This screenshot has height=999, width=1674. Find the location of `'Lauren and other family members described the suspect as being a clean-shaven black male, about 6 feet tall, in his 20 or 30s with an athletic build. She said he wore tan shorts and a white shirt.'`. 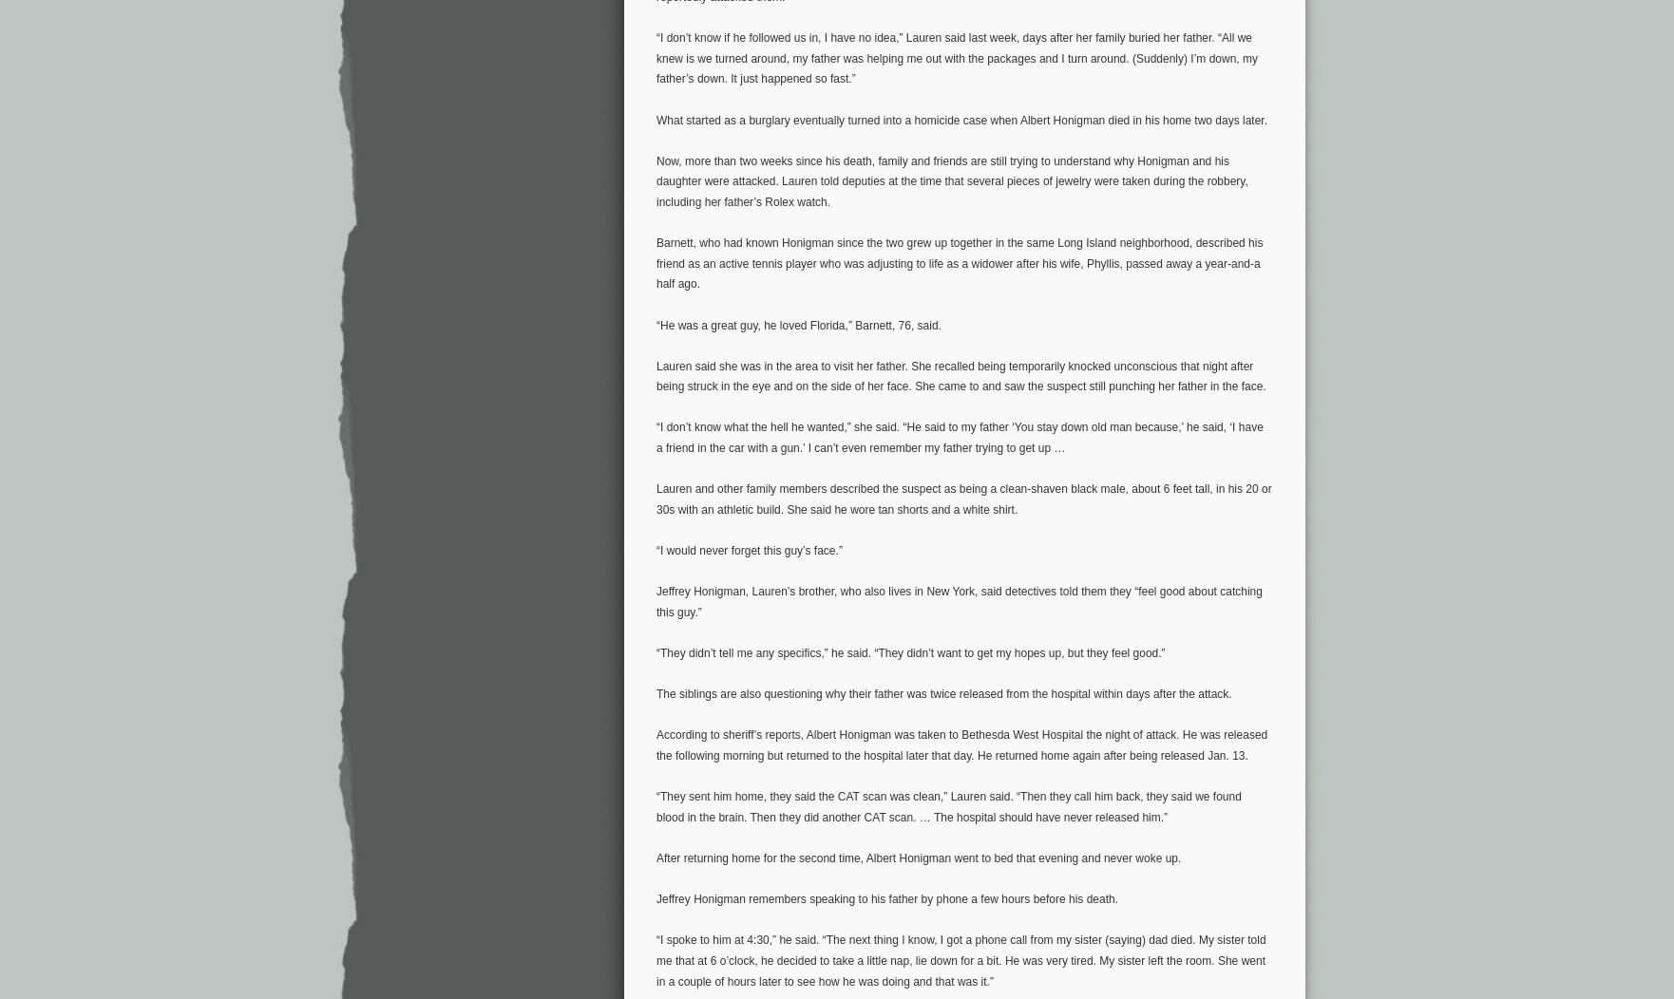

'Lauren and other family members described the suspect as being a clean-shaven black male, about 6 feet tall, in his 20 or 30s with an athletic build. She said he wore tan shorts and a white shirt.' is located at coordinates (963, 498).